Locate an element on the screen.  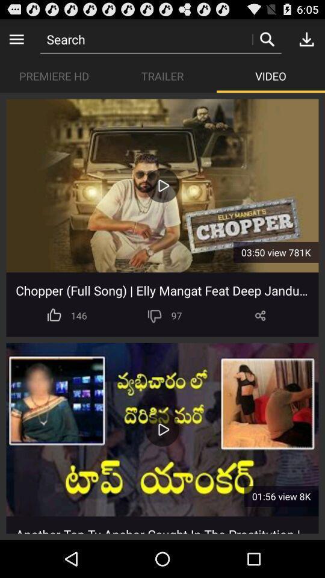
the app next to the video app is located at coordinates (162, 75).